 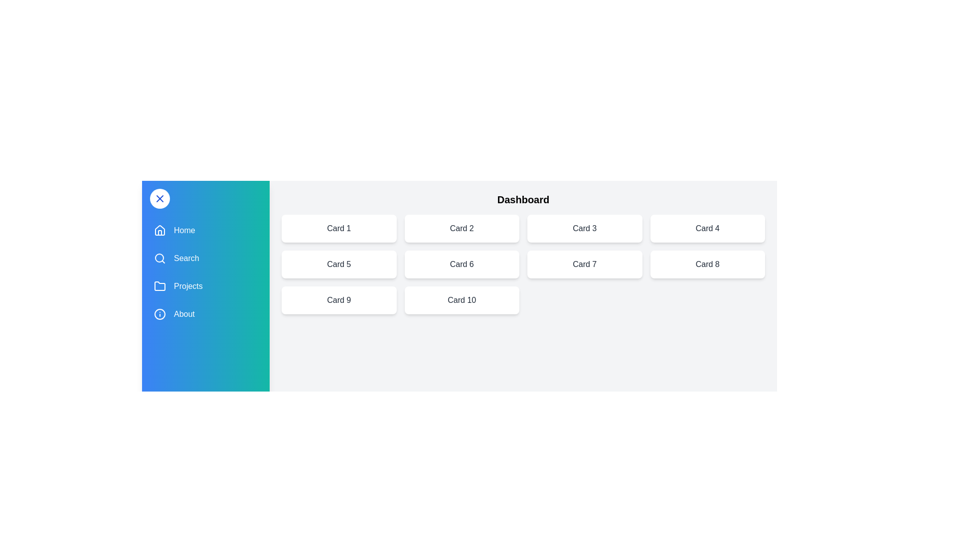 I want to click on the button to toggle the drawer, so click(x=160, y=198).